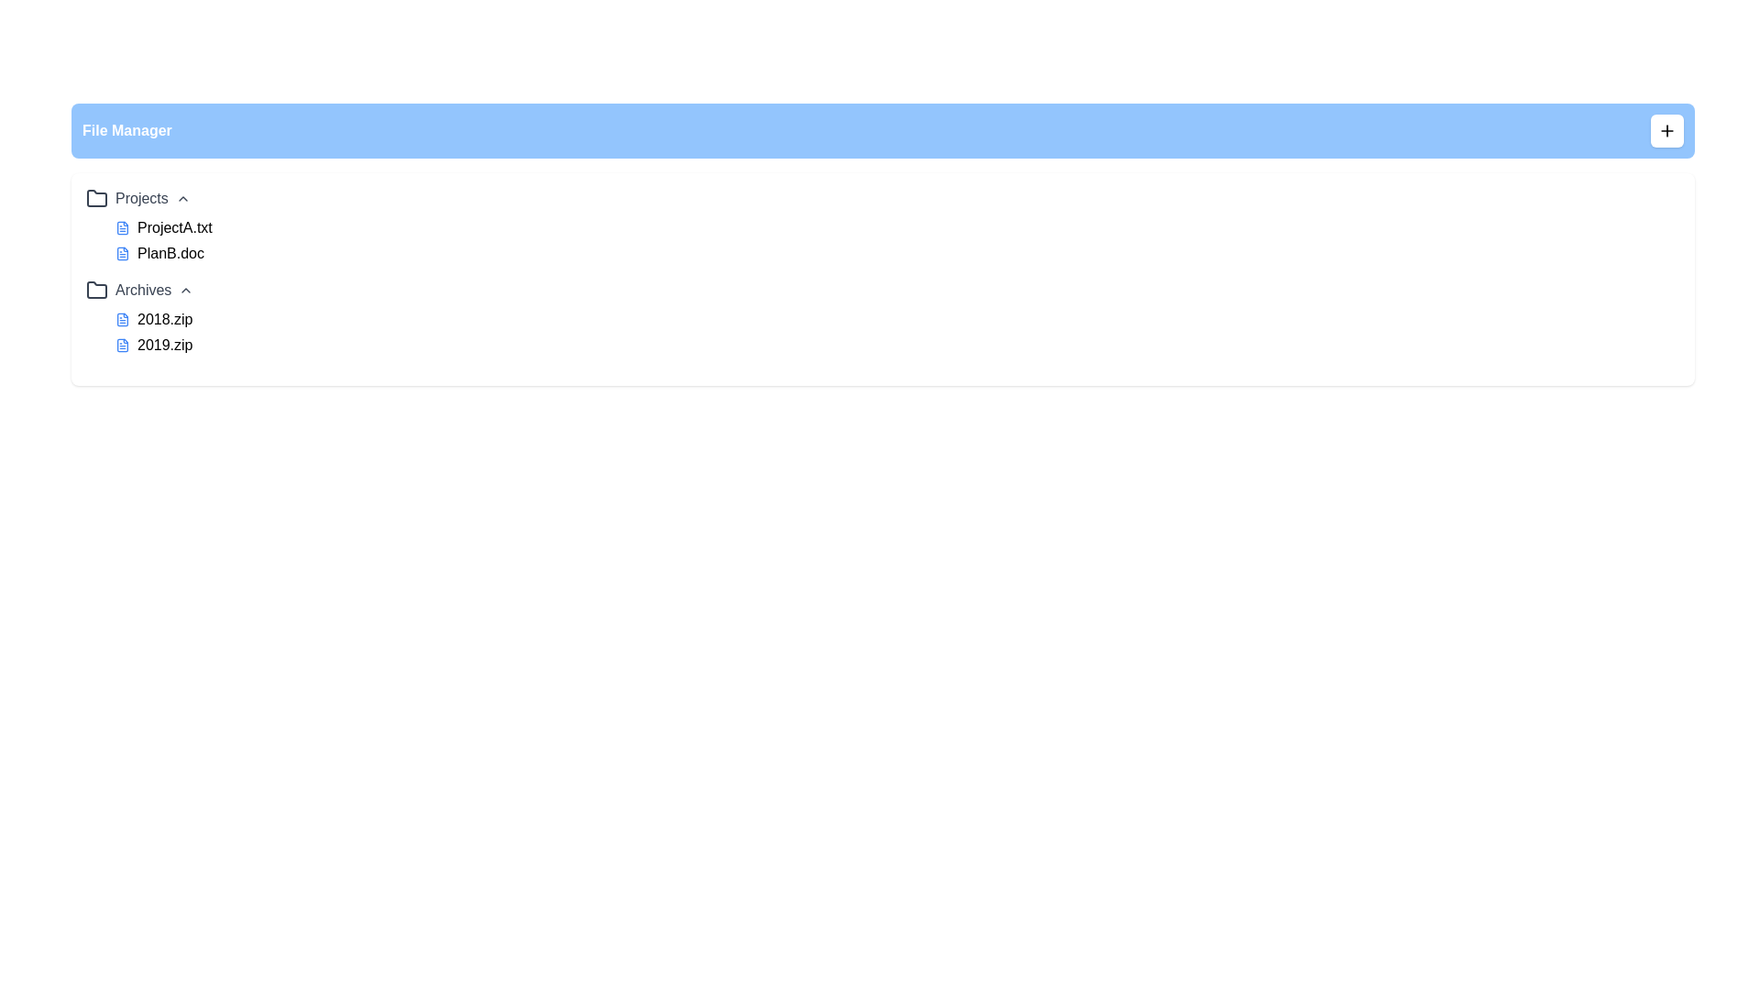 Image resolution: width=1760 pixels, height=990 pixels. What do you see at coordinates (182, 198) in the screenshot?
I see `the dropdown toggle icon/button located to the right of the 'Projects' label` at bounding box center [182, 198].